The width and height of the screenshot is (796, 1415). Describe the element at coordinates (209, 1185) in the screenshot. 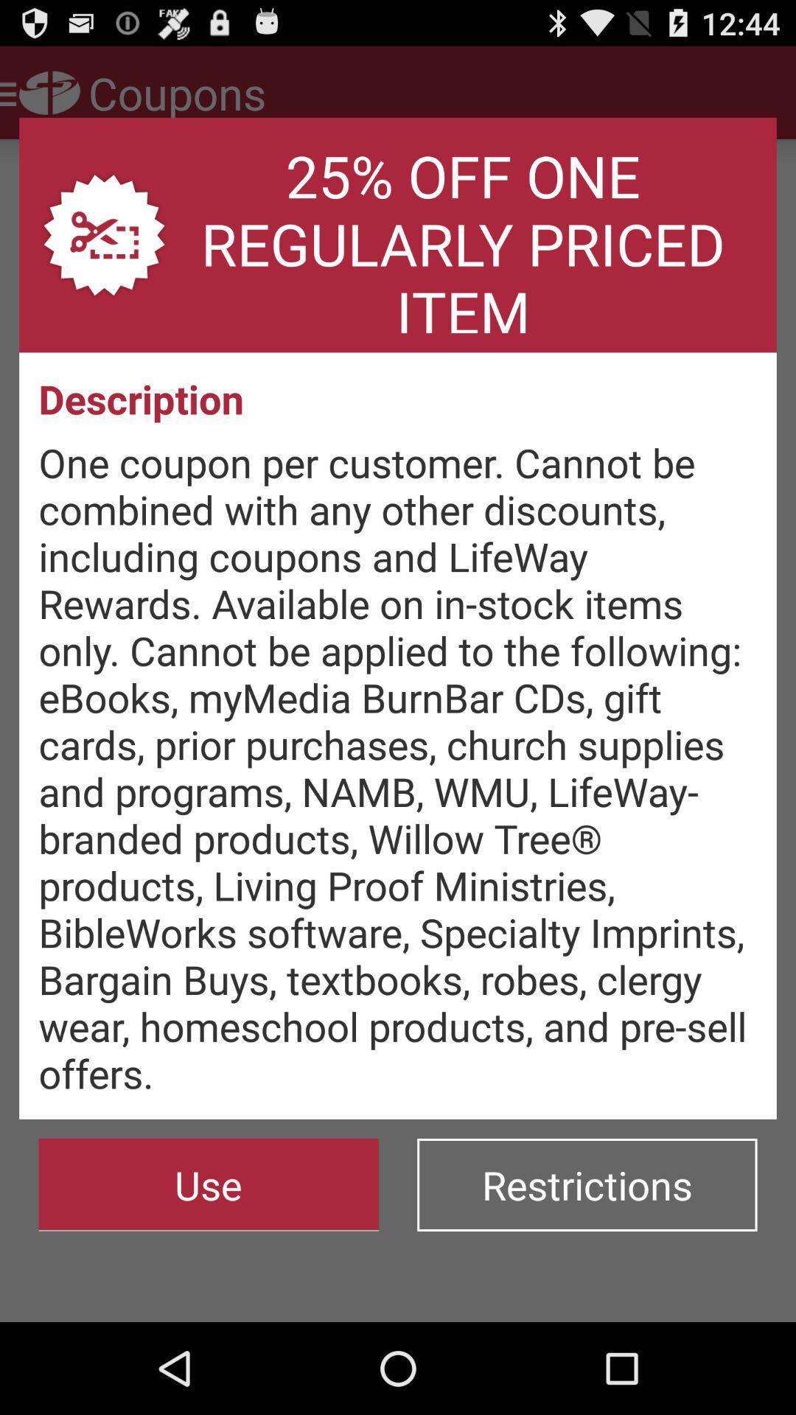

I see `use` at that location.